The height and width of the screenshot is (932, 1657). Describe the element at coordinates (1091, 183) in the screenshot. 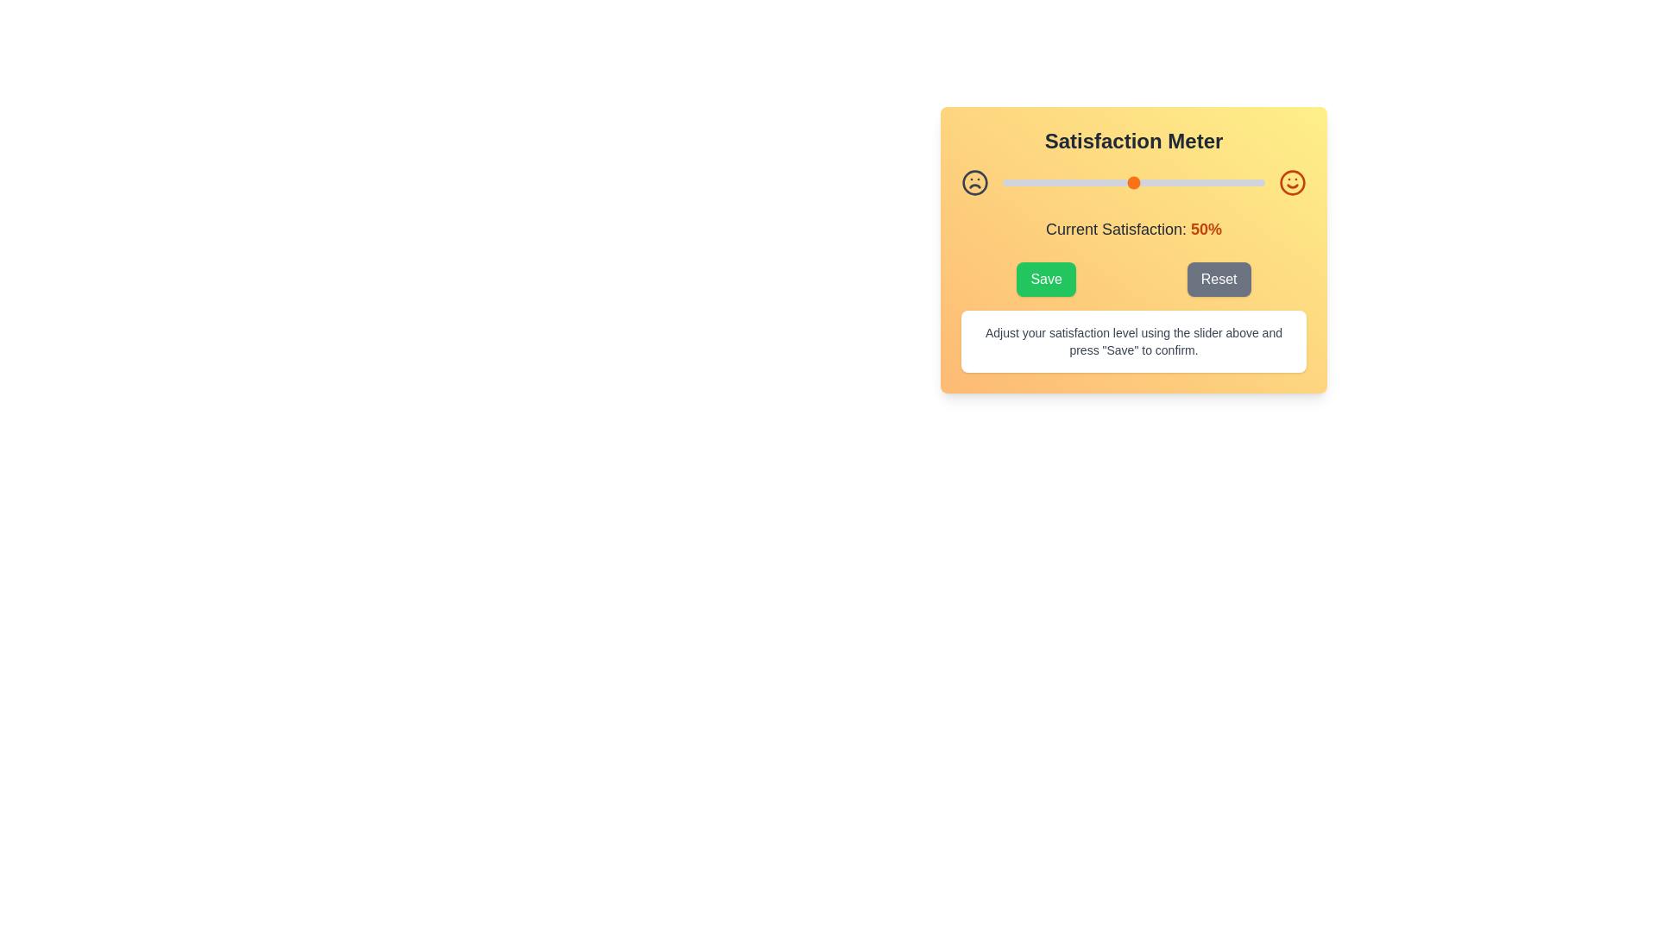

I see `the satisfaction level to 34% by moving the slider` at that location.